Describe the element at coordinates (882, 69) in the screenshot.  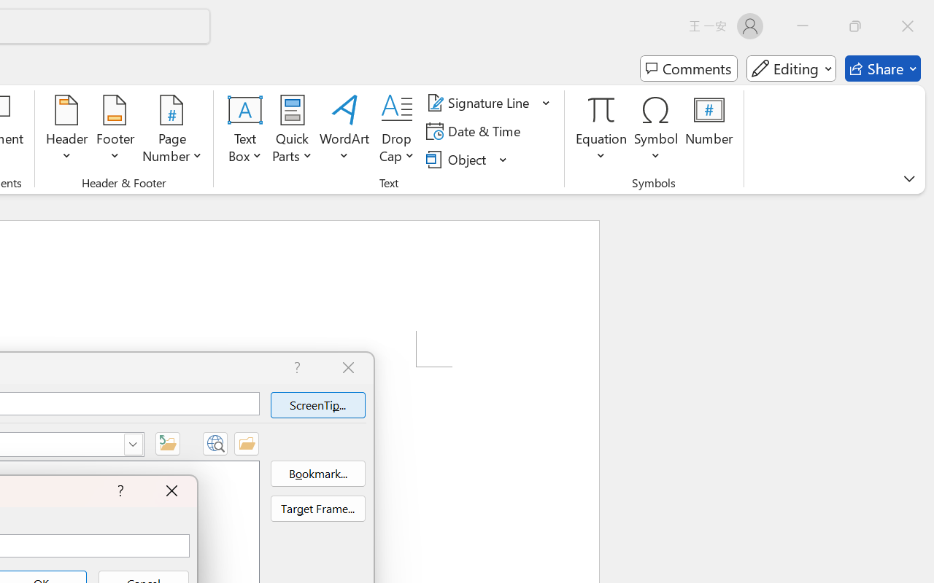
I see `'Share'` at that location.